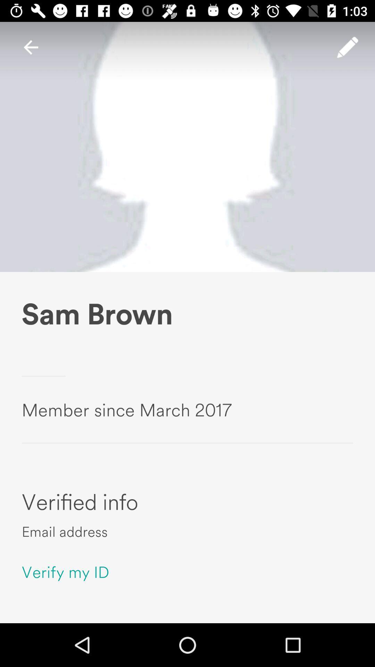 The width and height of the screenshot is (375, 667). What do you see at coordinates (31, 47) in the screenshot?
I see `the icon above the sam brown icon` at bounding box center [31, 47].